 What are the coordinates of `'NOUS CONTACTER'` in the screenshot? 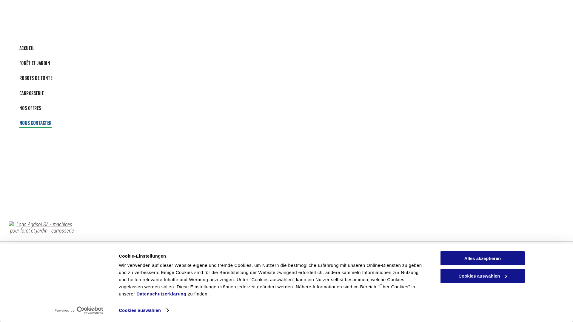 It's located at (16, 123).